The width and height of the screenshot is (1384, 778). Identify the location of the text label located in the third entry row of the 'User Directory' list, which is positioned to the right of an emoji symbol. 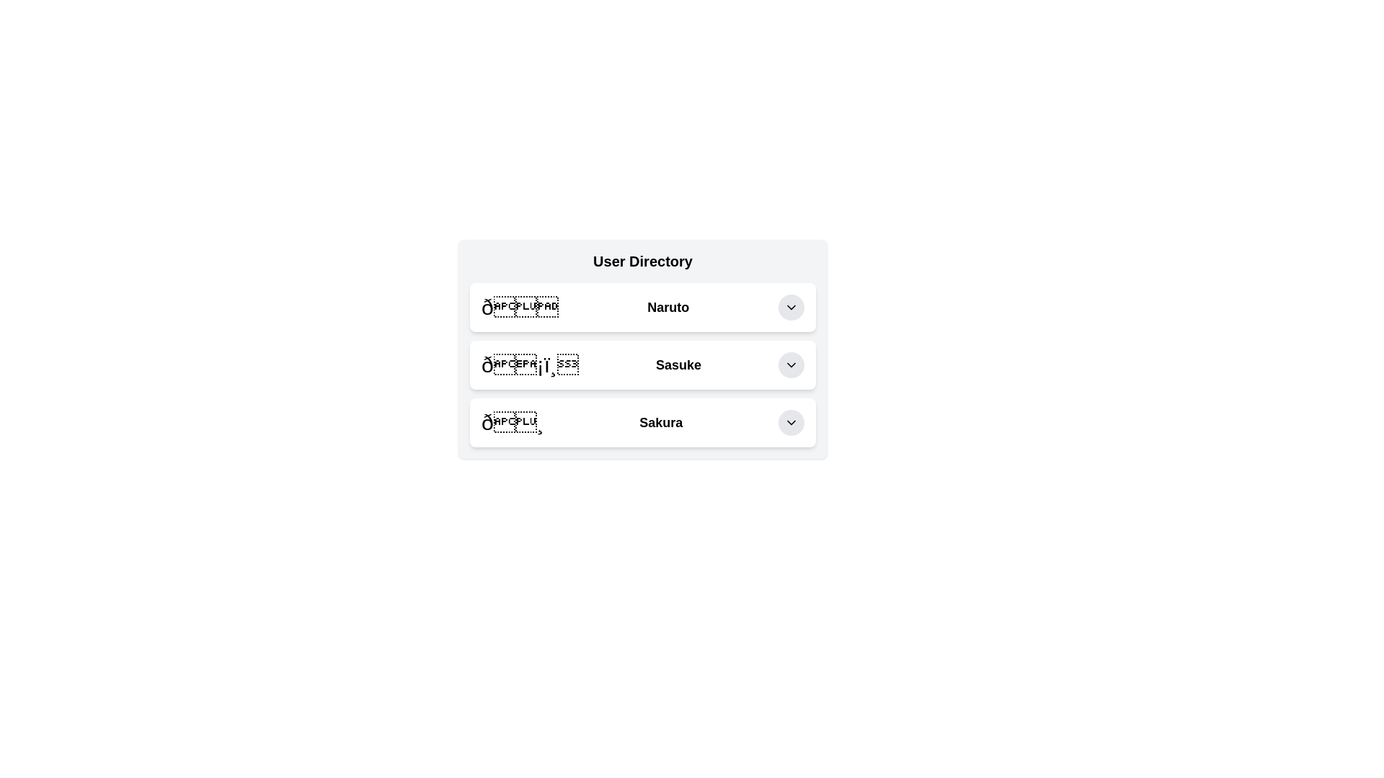
(660, 421).